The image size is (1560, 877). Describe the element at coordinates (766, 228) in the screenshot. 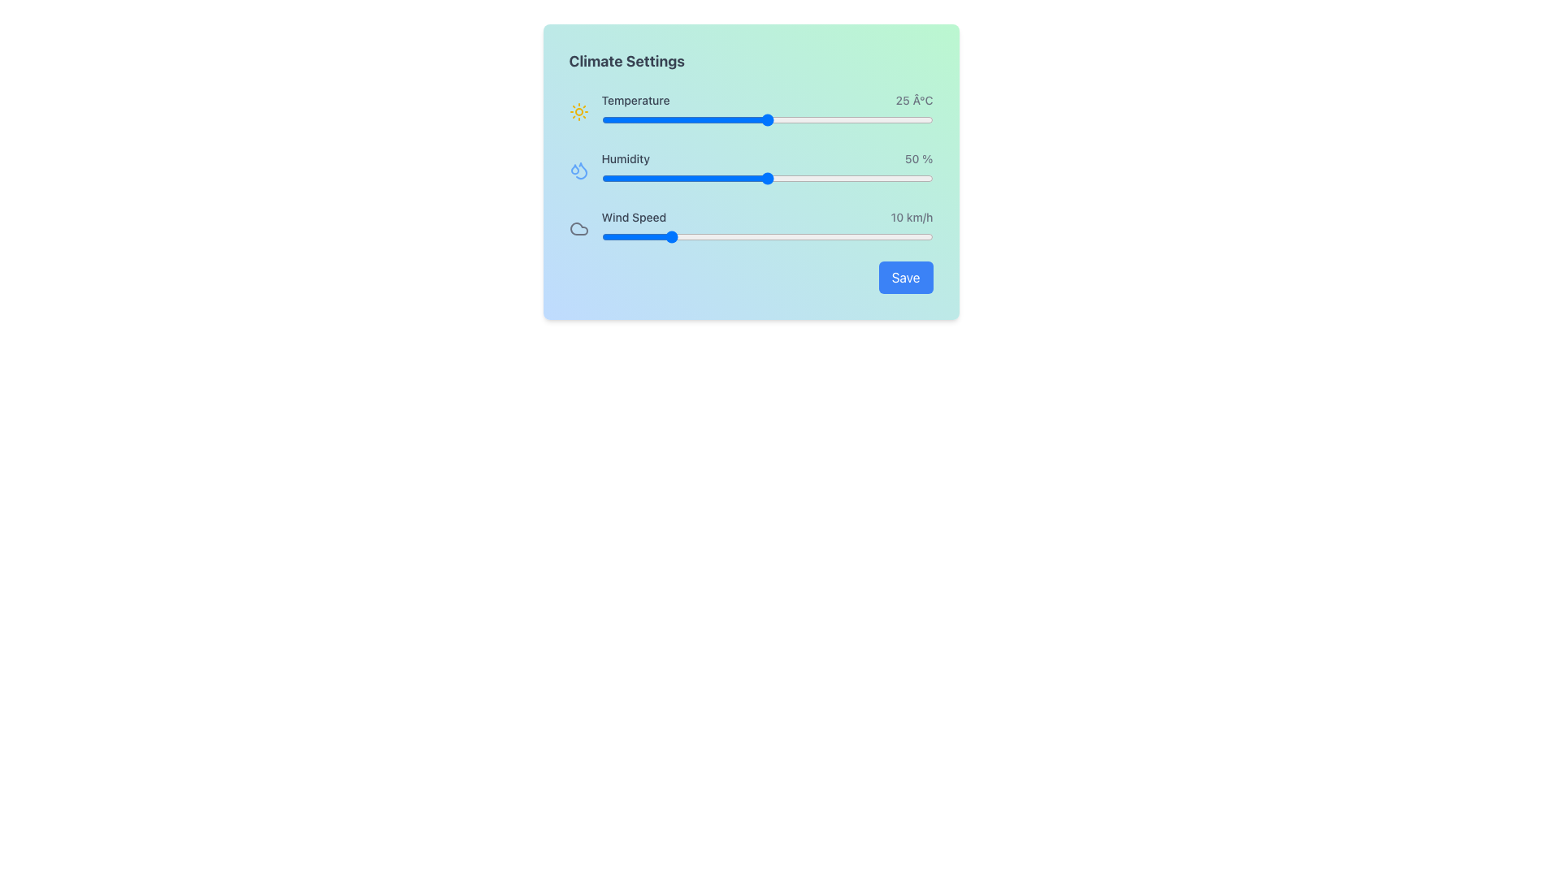

I see `the slider handle` at that location.